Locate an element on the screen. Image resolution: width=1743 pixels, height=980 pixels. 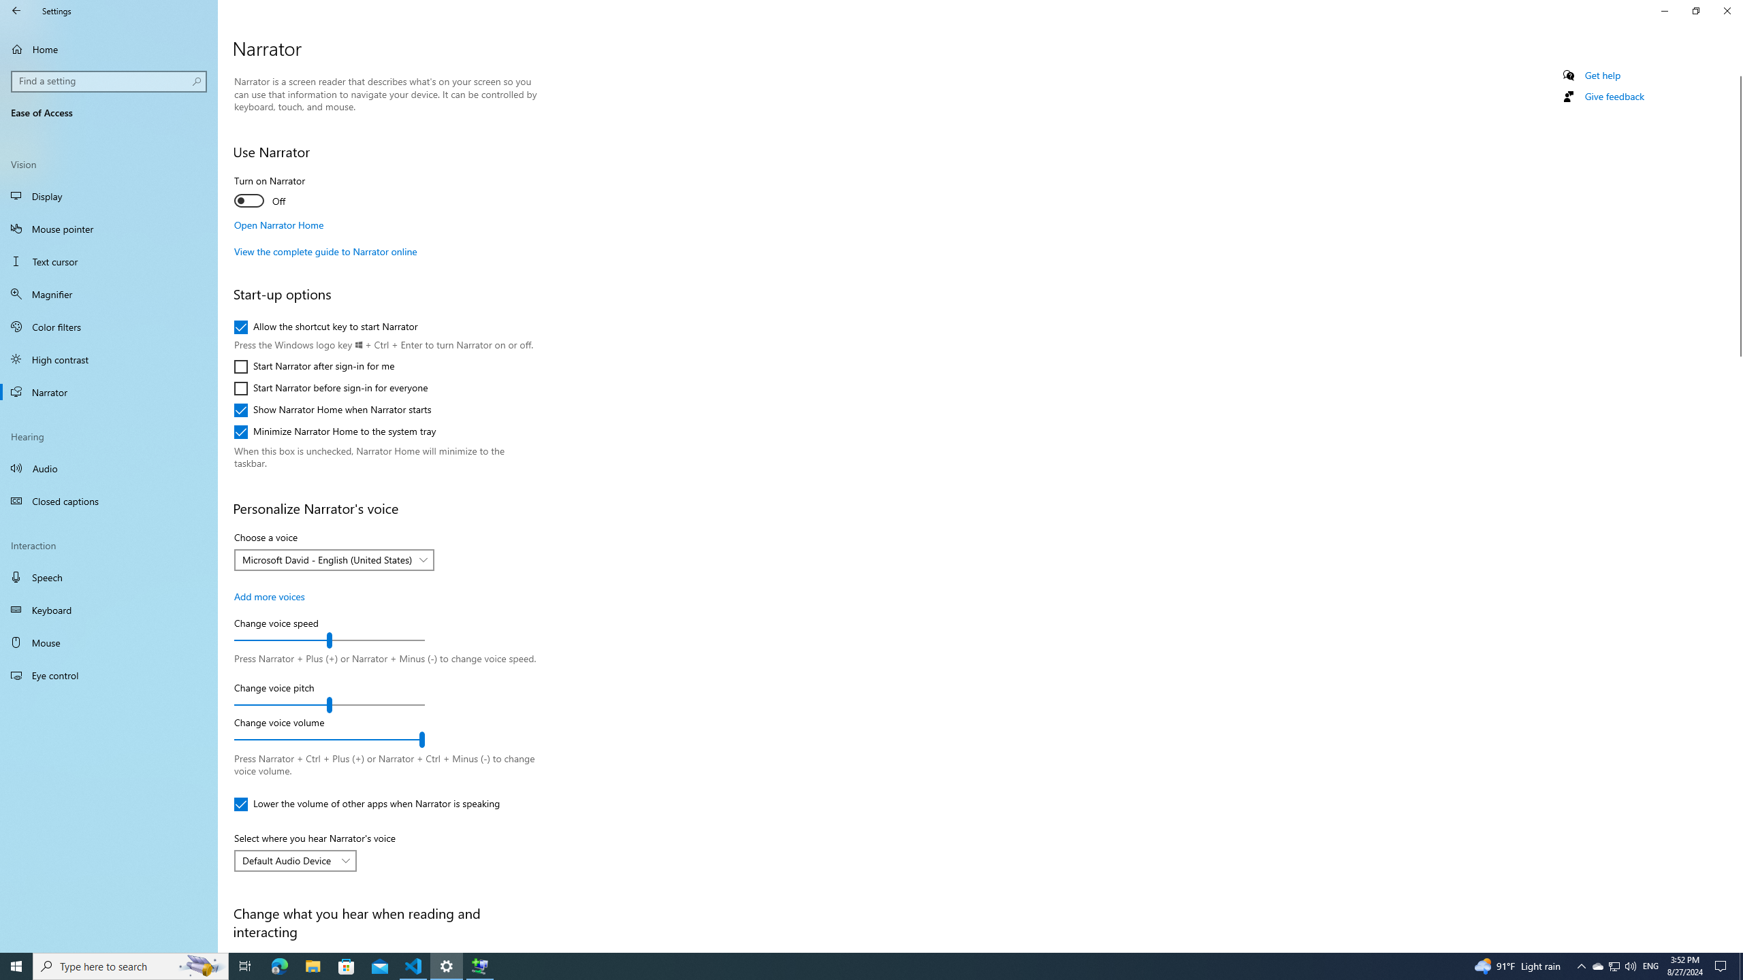
'Visual Studio Code - 1 running window' is located at coordinates (413, 965).